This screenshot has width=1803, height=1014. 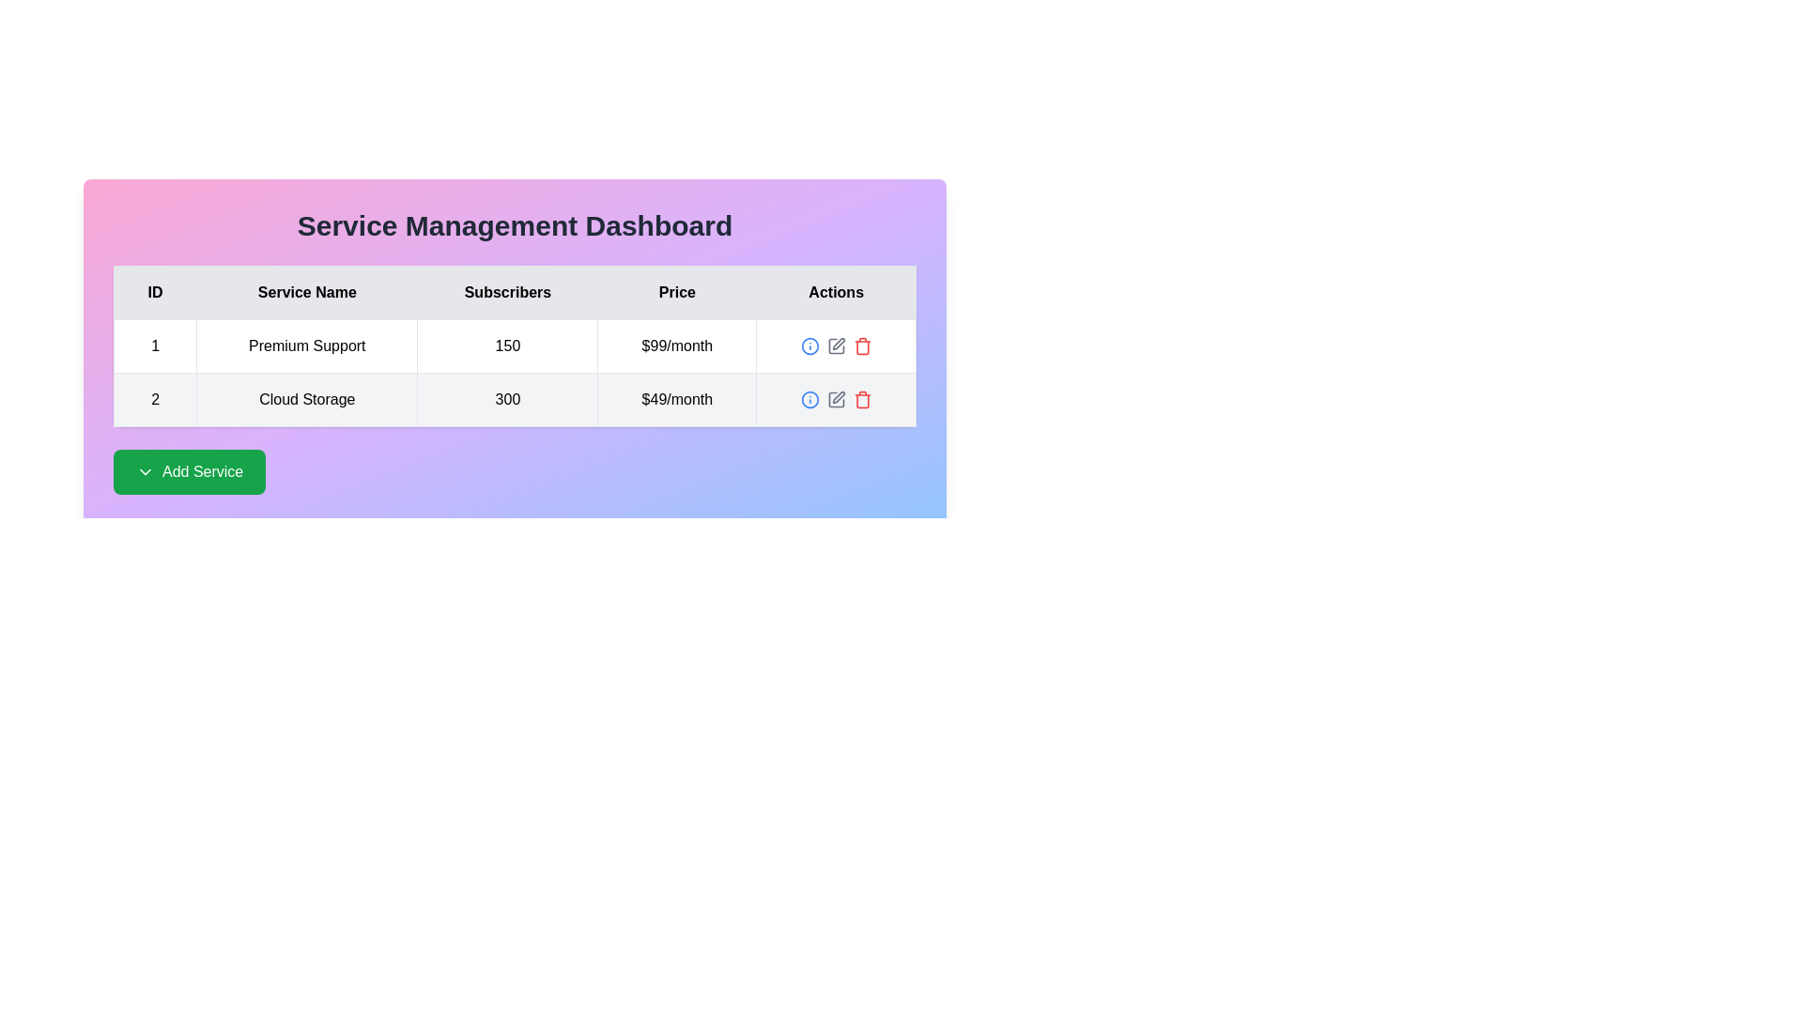 I want to click on the table cell that identifies the ID '2' for the 'Cloud Storage' service entry, which is the first cell in the second row under the 'ID' column, so click(x=155, y=398).